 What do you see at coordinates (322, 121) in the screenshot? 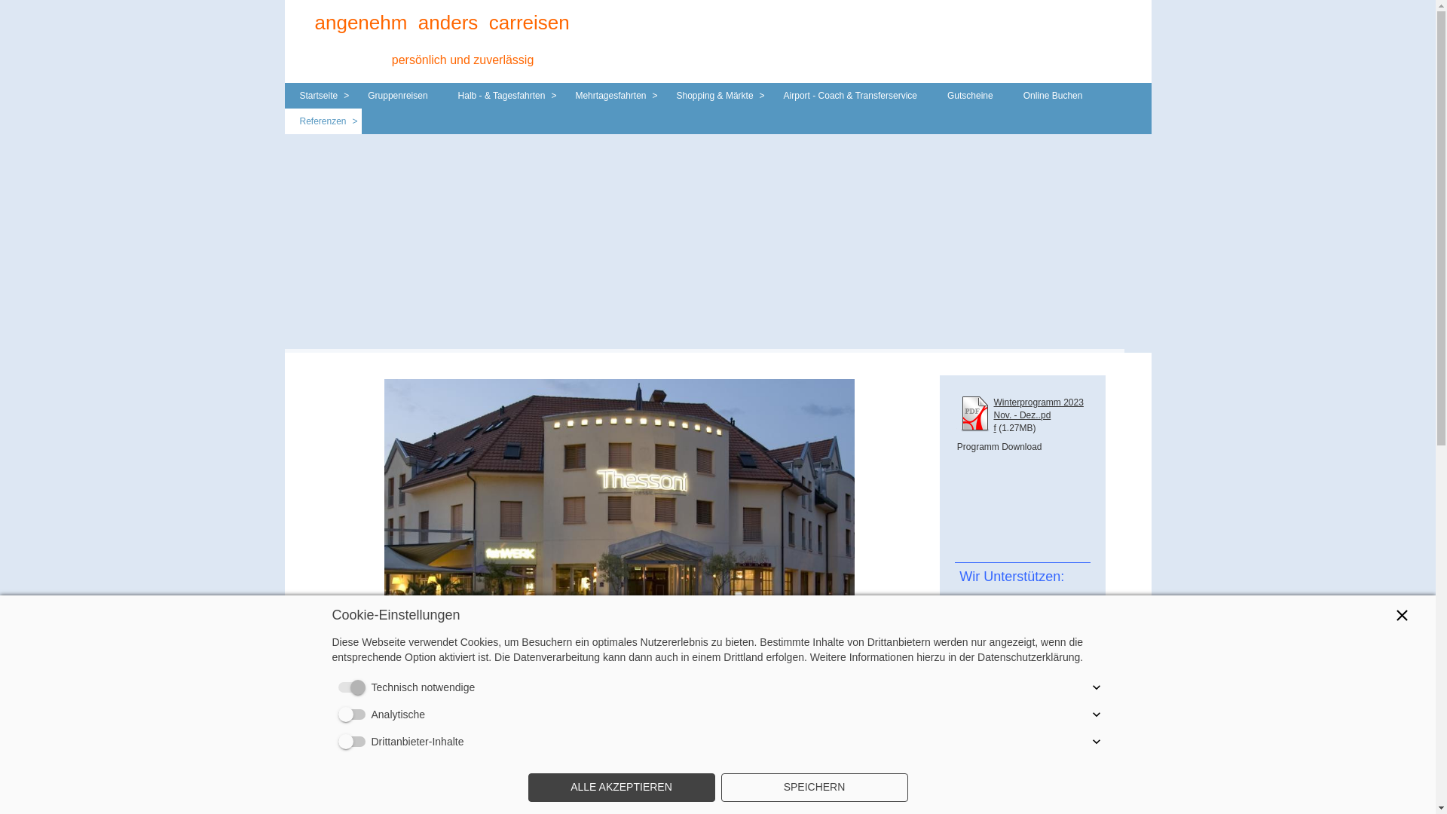
I see `'Referenzen'` at bounding box center [322, 121].